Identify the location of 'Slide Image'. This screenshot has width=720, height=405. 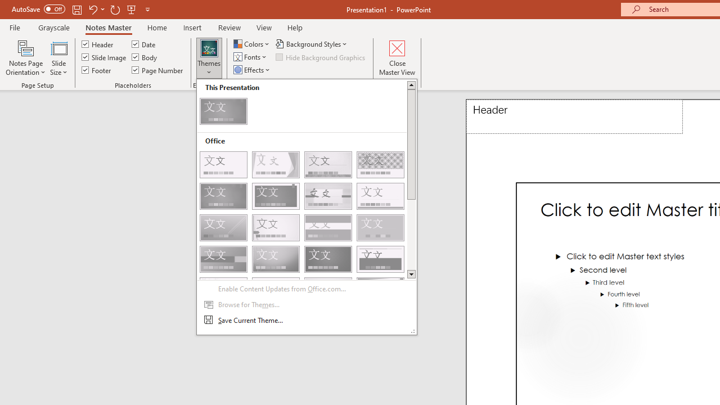
(105, 57).